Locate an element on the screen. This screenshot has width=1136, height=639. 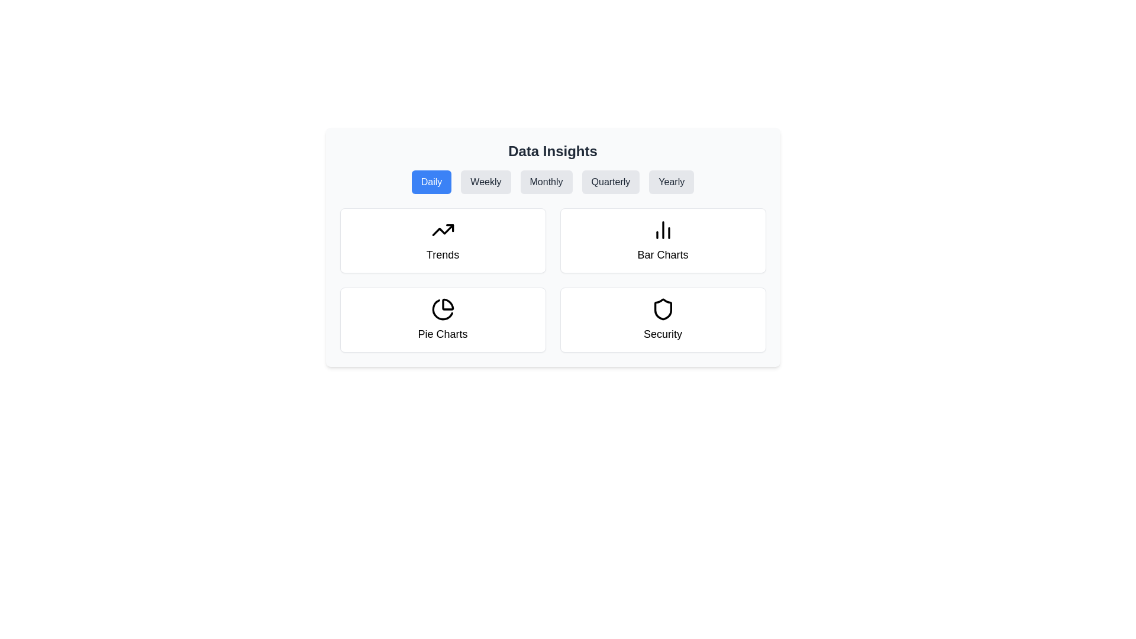
the text label located beneath the pie chart icon in the bottom-left card of the grid, which describes the purpose or topic of the chart is located at coordinates (442, 334).